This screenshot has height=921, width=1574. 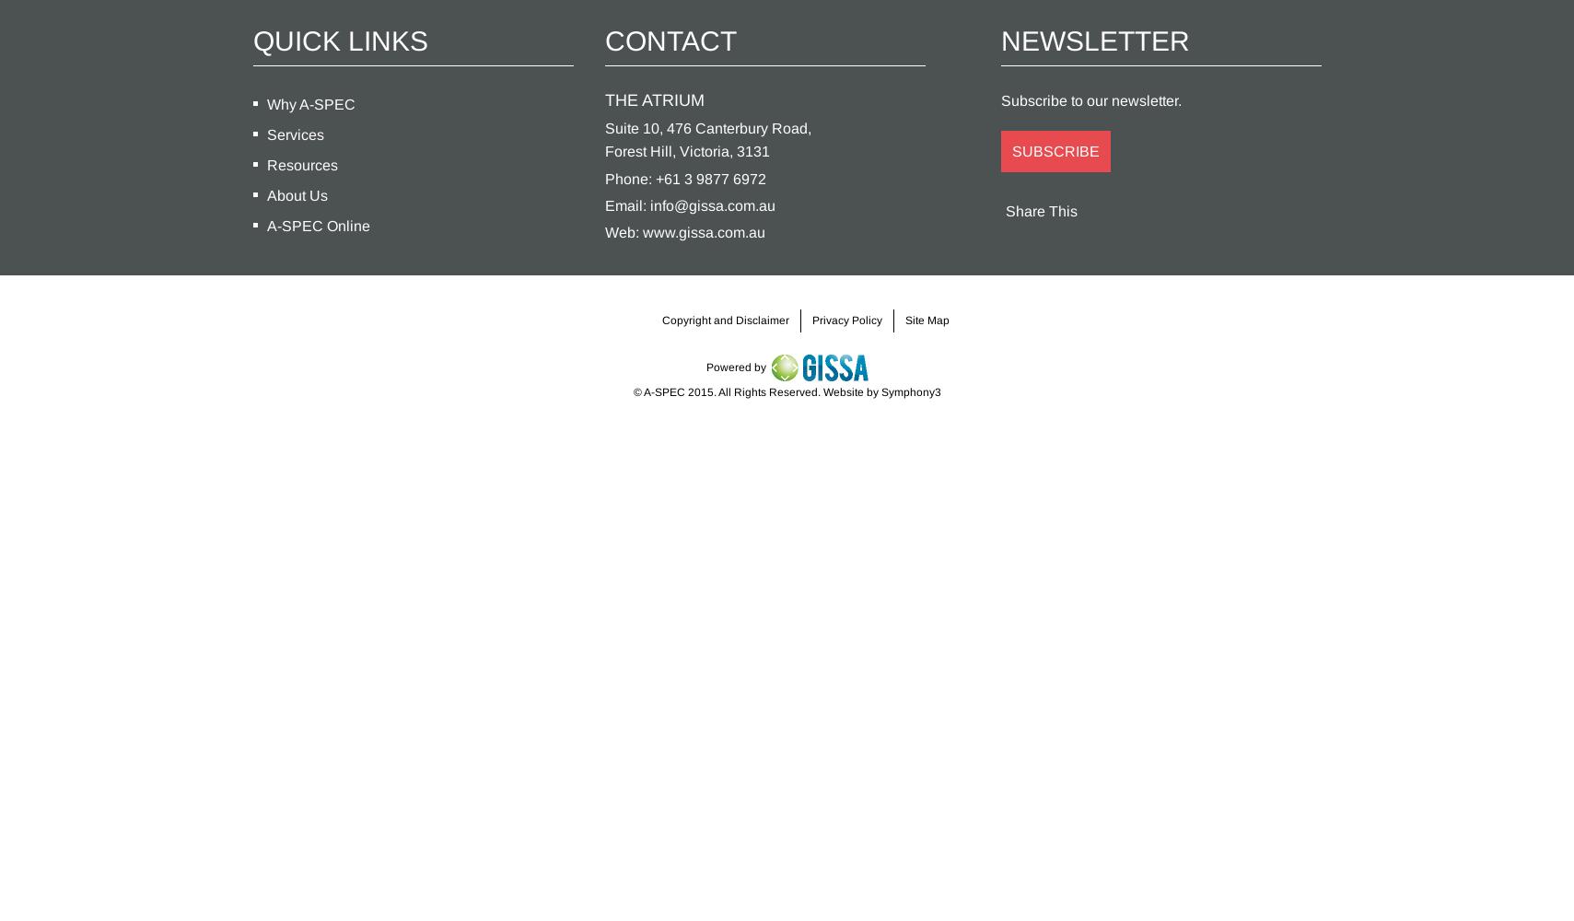 What do you see at coordinates (737, 367) in the screenshot?
I see `'Powered by'` at bounding box center [737, 367].